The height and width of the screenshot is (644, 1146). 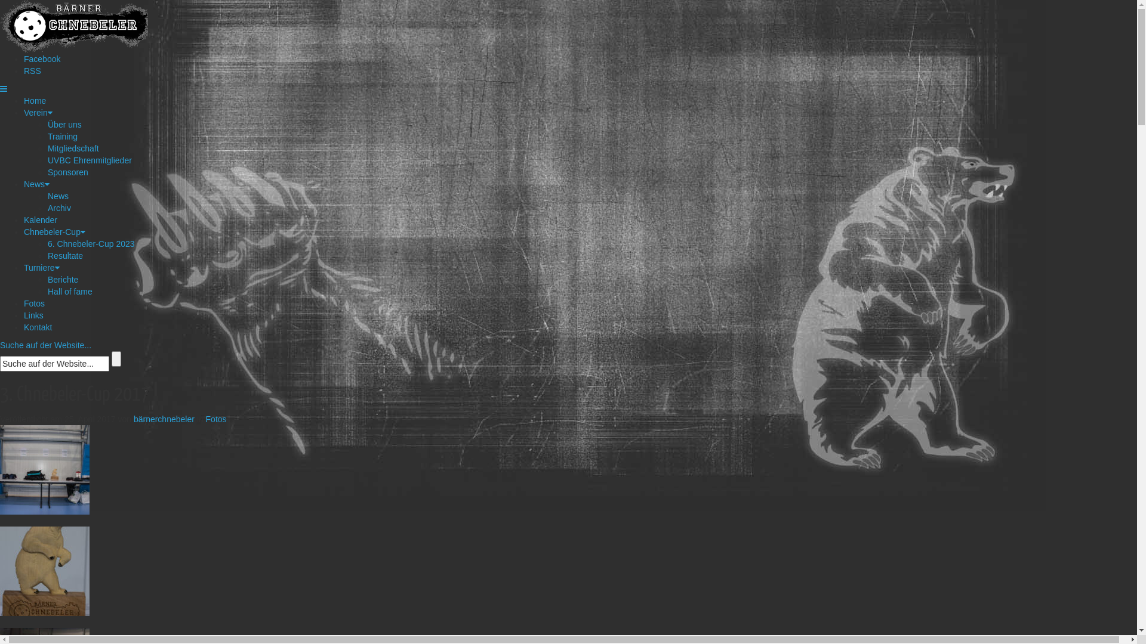 What do you see at coordinates (40, 220) in the screenshot?
I see `'Kalender'` at bounding box center [40, 220].